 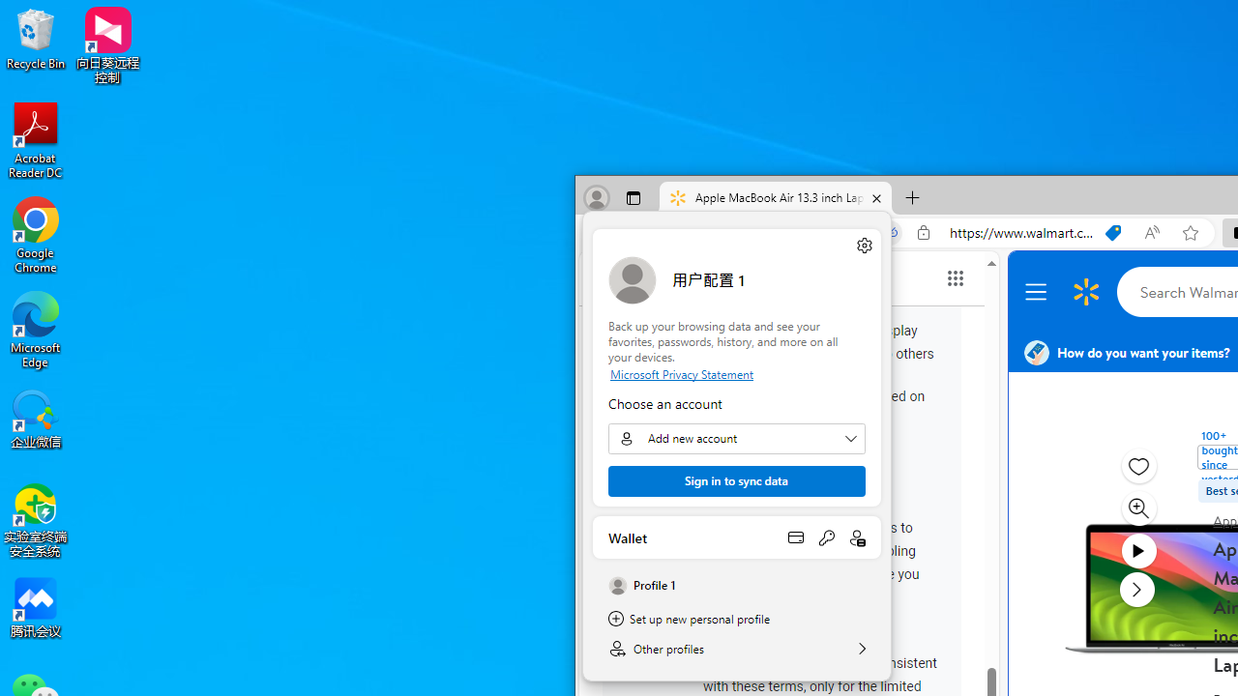 I want to click on 'View video', so click(x=1137, y=551).